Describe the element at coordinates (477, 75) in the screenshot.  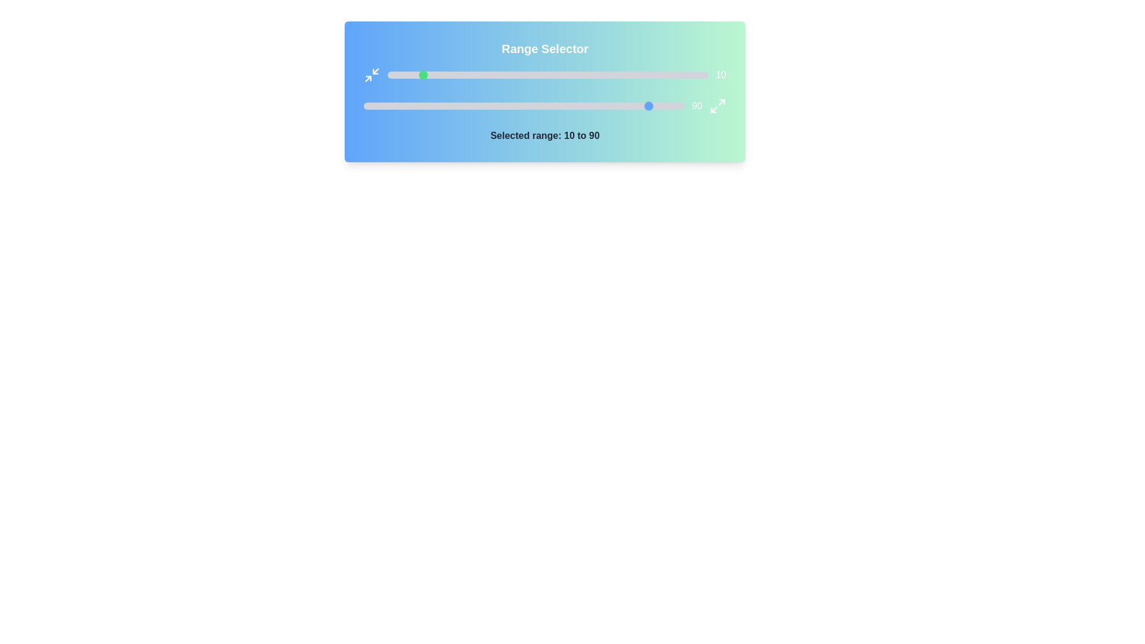
I see `the slider value` at that location.